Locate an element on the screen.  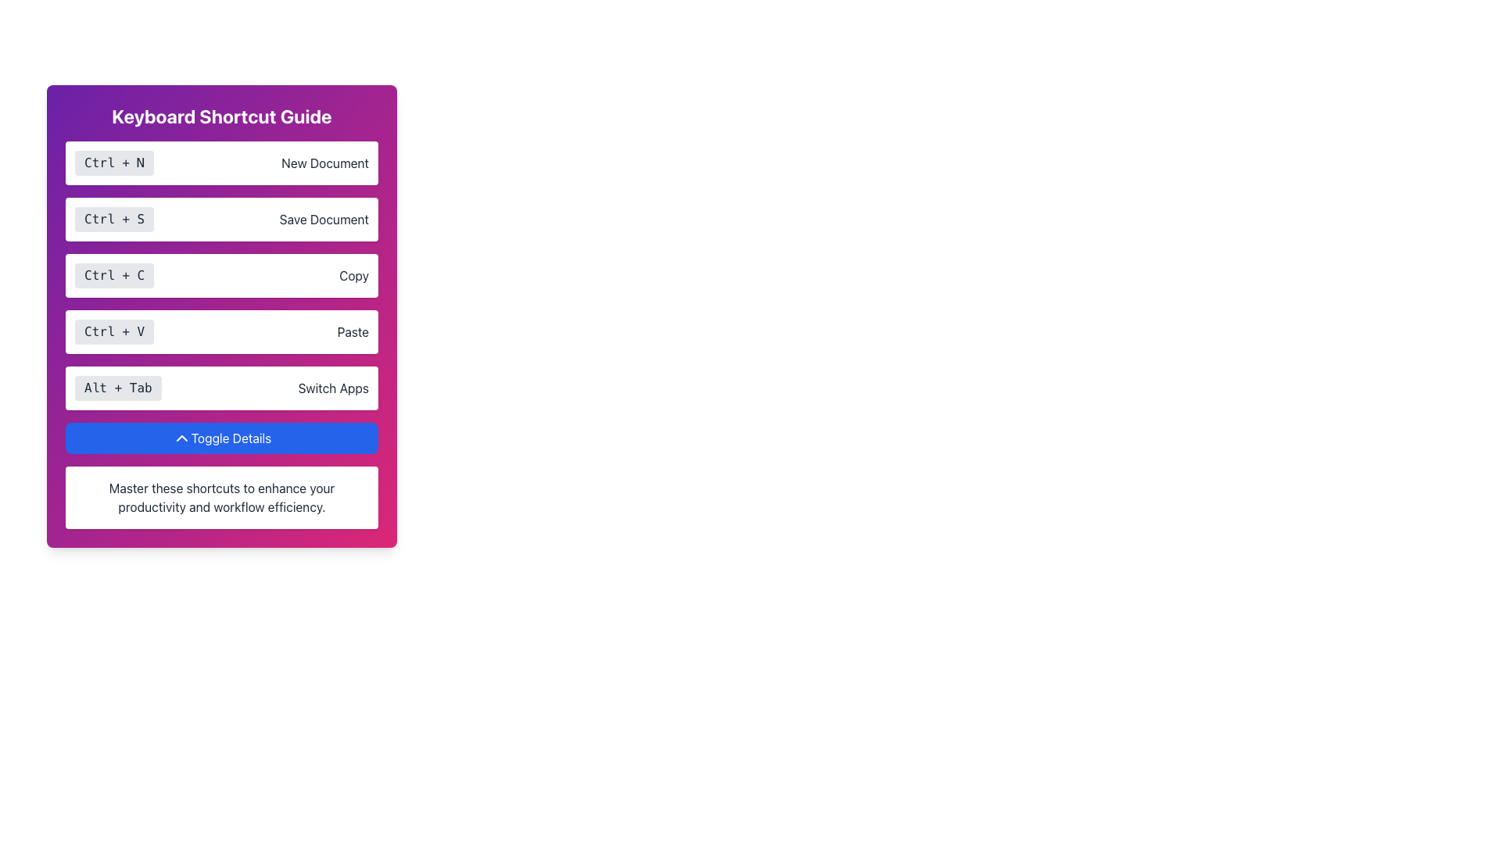
Text Label that describes the functionality of the adjacent keyboard shortcut 'Alt + Tab', which is labeled 'Switch Apps' is located at coordinates (332, 388).